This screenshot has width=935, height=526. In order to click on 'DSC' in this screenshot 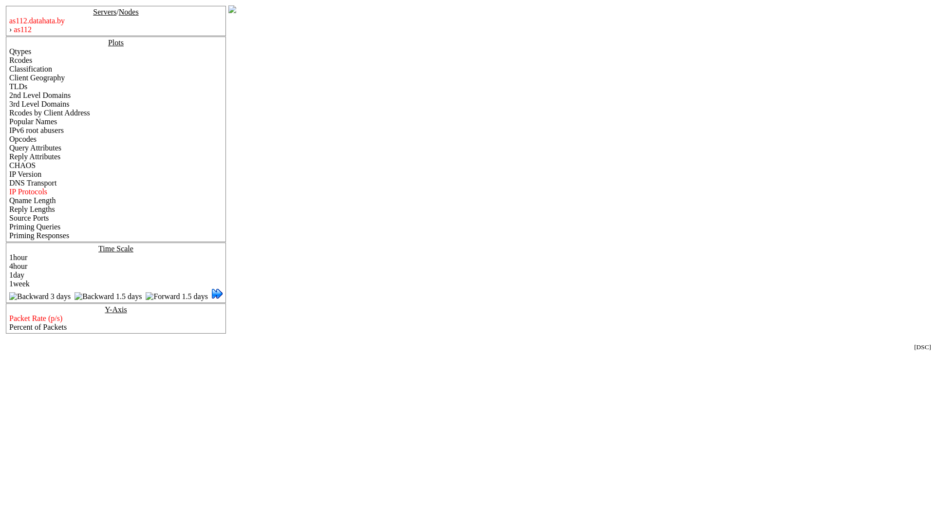, I will do `click(916, 346)`.